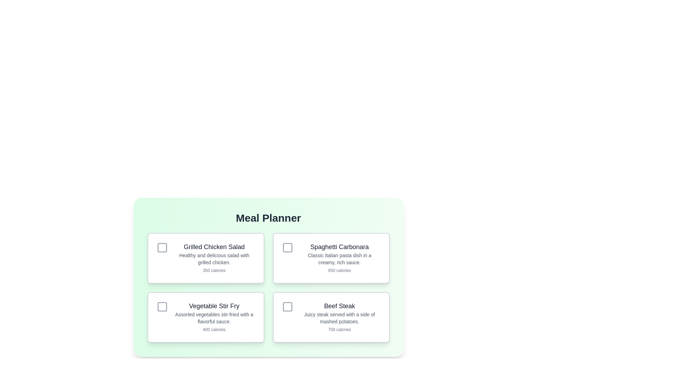  Describe the element at coordinates (162, 247) in the screenshot. I see `the checkbox styled in light gray, located in the top-left corner of the card containing 'Grilled Chicken Salad'` at that location.